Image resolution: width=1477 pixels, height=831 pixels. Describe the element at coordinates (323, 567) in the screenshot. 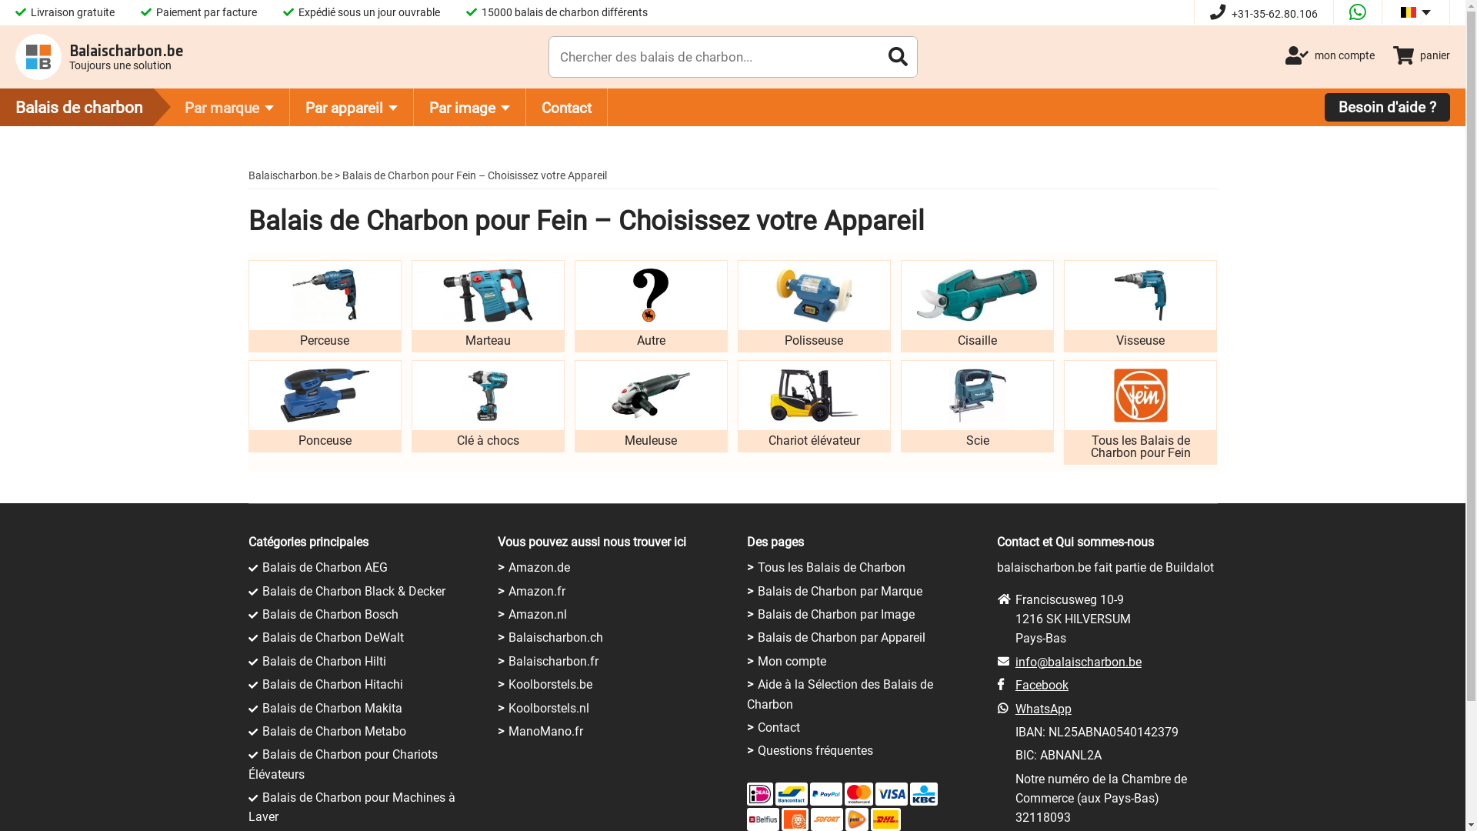

I see `'Balais de Charbon AEG'` at that location.